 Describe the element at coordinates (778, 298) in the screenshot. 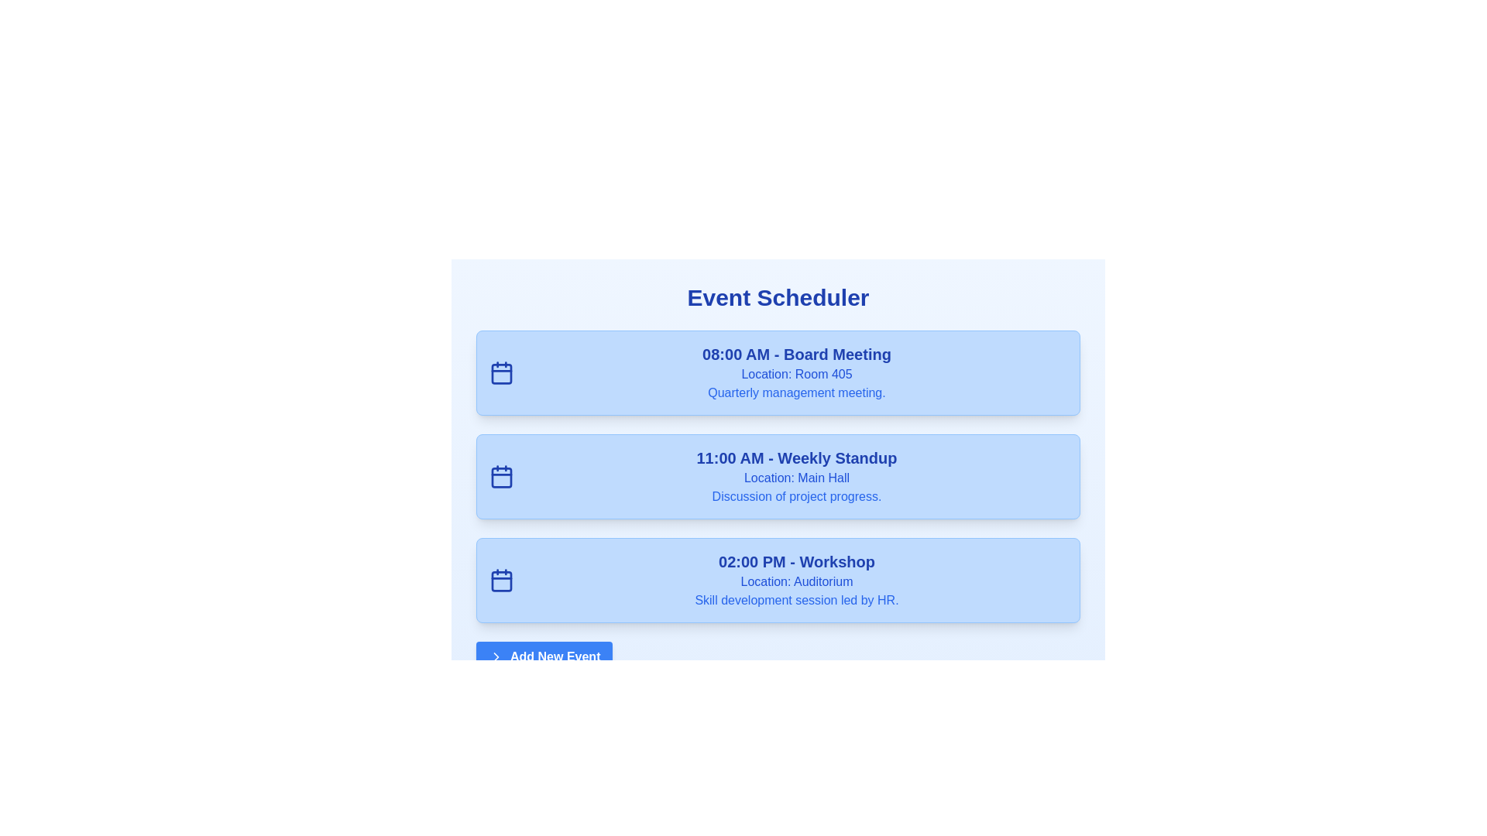

I see `the prominently displayed title 'Event Scheduler', which is styled in bold, large, dark blue font at the top-center of the content area` at that location.